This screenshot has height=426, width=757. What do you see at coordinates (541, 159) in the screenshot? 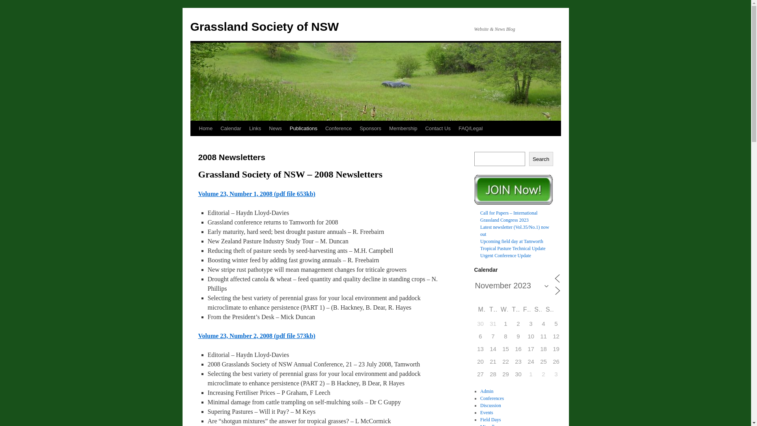
I see `'Search'` at bounding box center [541, 159].